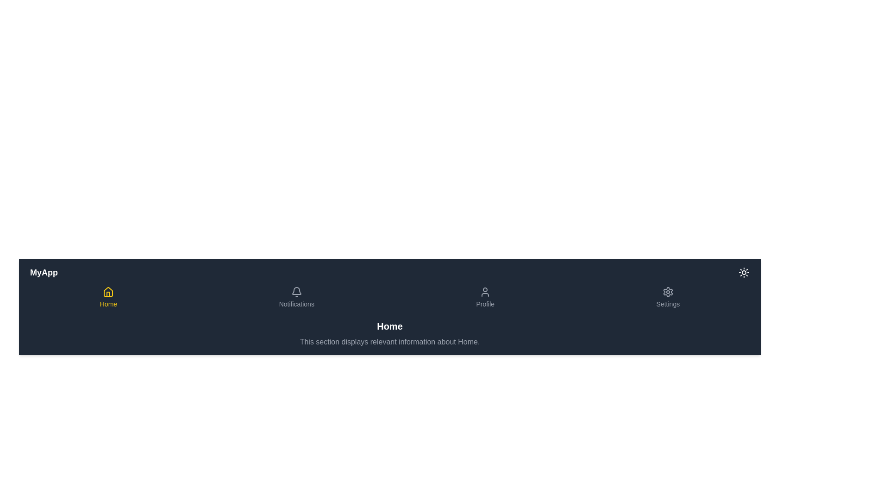 This screenshot has width=889, height=500. What do you see at coordinates (44, 272) in the screenshot?
I see `the app's name 'MyApp' in the header to inspect its branding` at bounding box center [44, 272].